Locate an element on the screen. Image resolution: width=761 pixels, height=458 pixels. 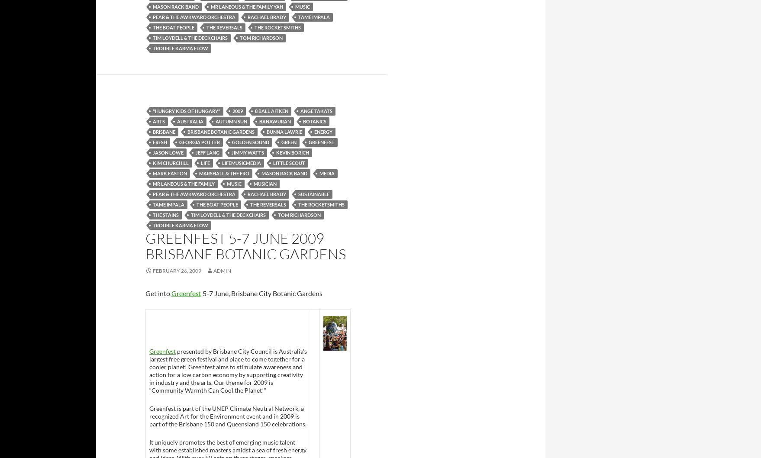
'2009' is located at coordinates (237, 110).